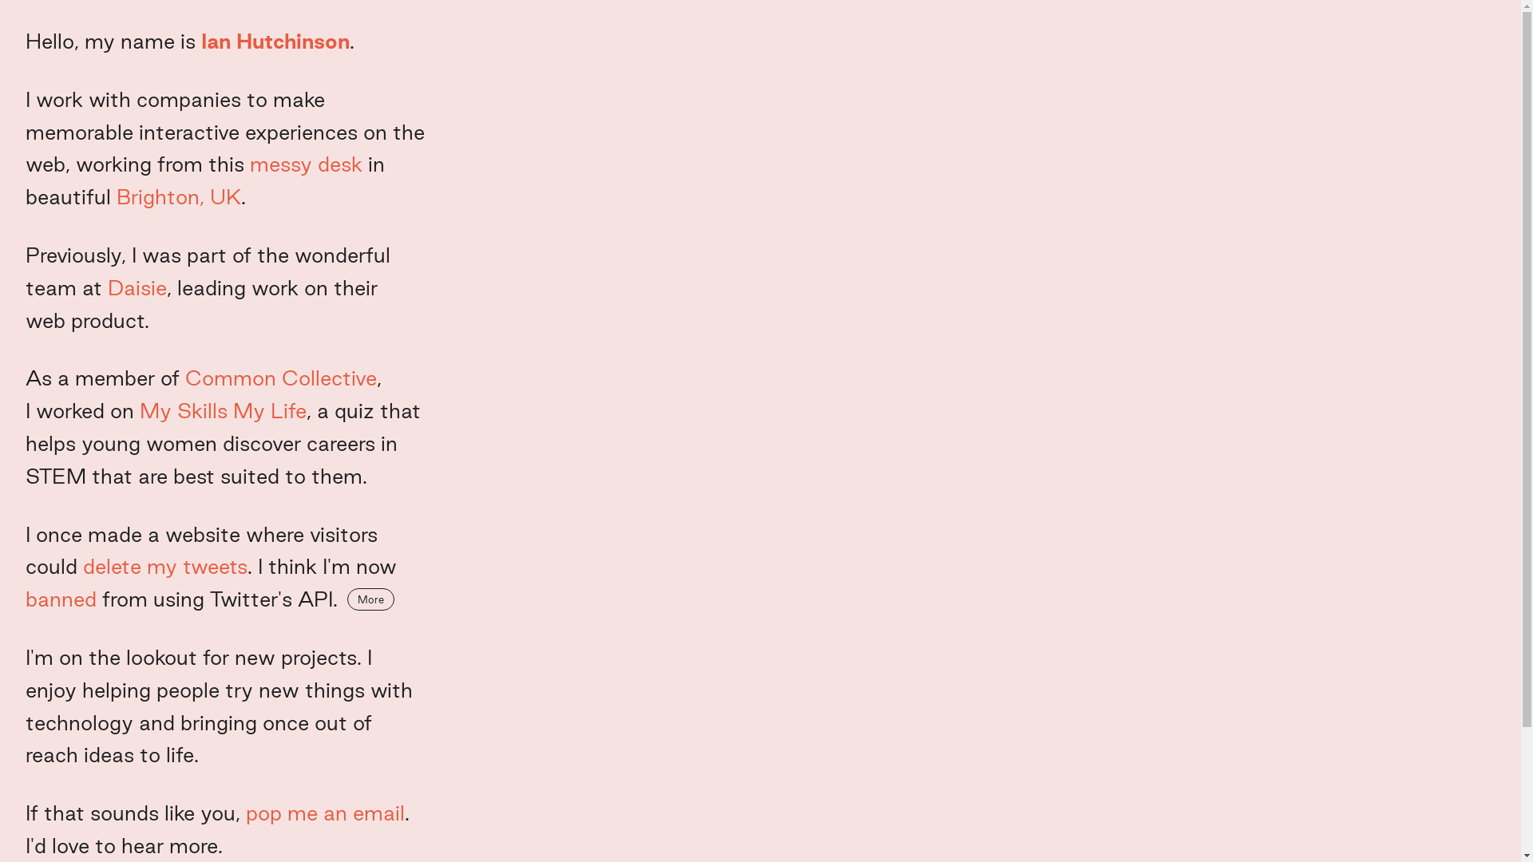 The image size is (1533, 862). I want to click on 'Daisie', so click(137, 288).